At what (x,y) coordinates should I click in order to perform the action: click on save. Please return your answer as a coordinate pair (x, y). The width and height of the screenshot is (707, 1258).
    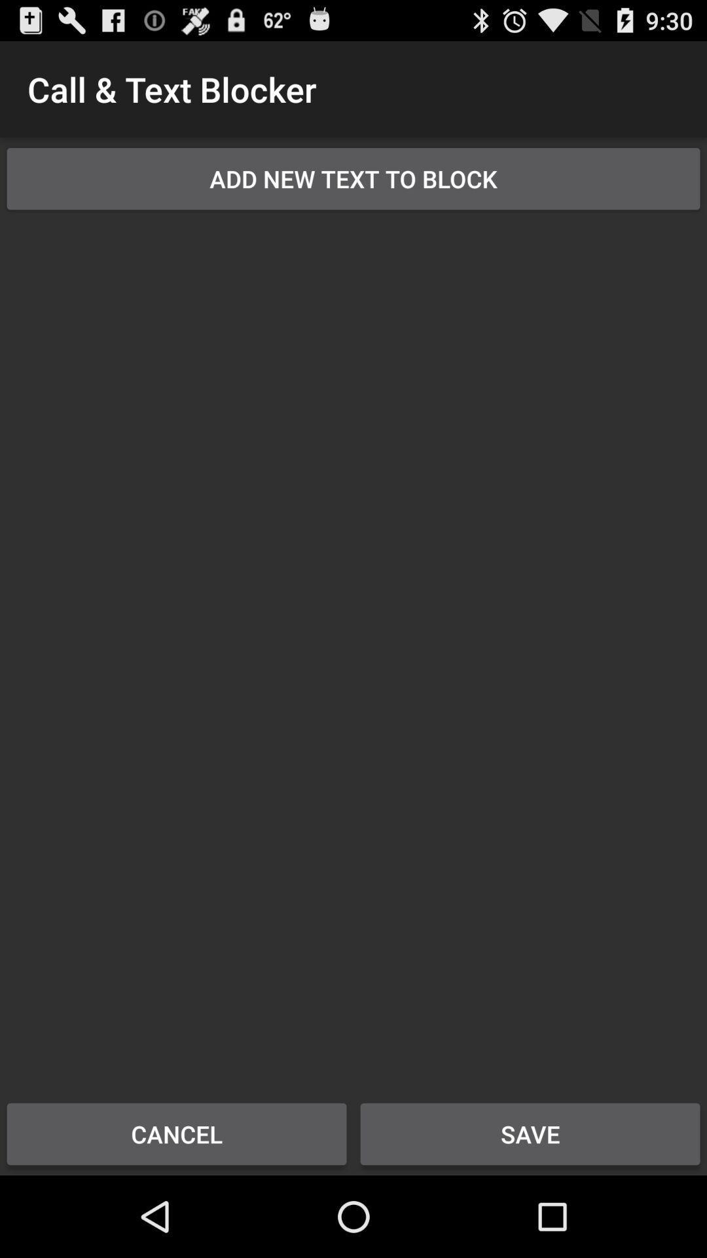
    Looking at the image, I should click on (530, 1134).